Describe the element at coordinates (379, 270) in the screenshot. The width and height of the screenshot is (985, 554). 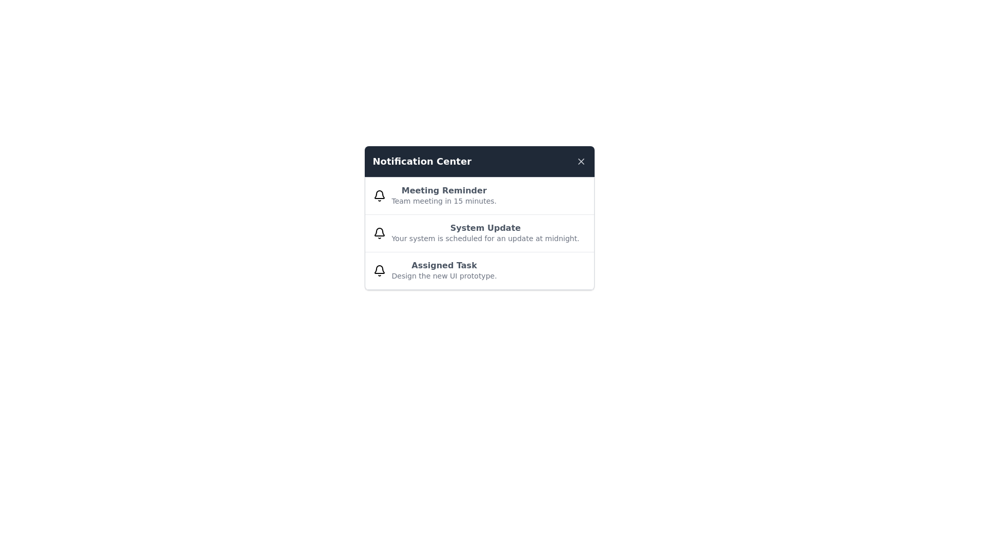
I see `the bell icon located on the left side of the row containing the text 'Assigned Task' and 'Design the new UI prototype' in the third notification item of the Notification Center dropdown` at that location.